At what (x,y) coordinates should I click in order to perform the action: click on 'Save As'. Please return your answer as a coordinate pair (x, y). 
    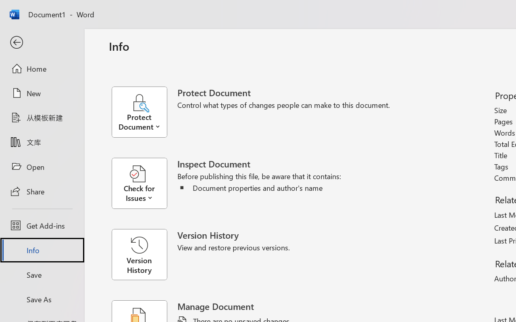
    Looking at the image, I should click on (42, 299).